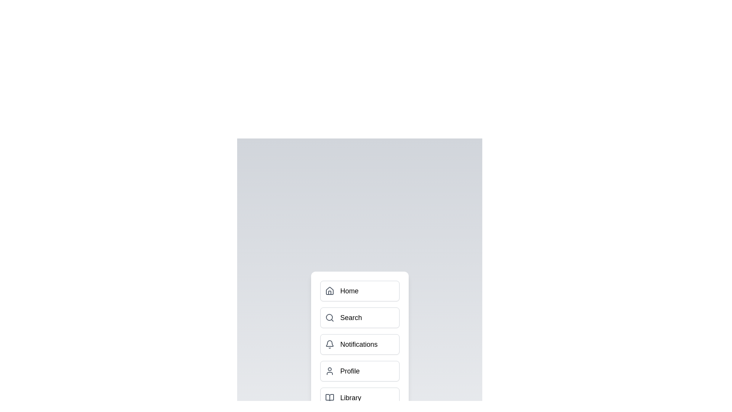 This screenshot has width=732, height=412. I want to click on the menu item Search, so click(359, 318).